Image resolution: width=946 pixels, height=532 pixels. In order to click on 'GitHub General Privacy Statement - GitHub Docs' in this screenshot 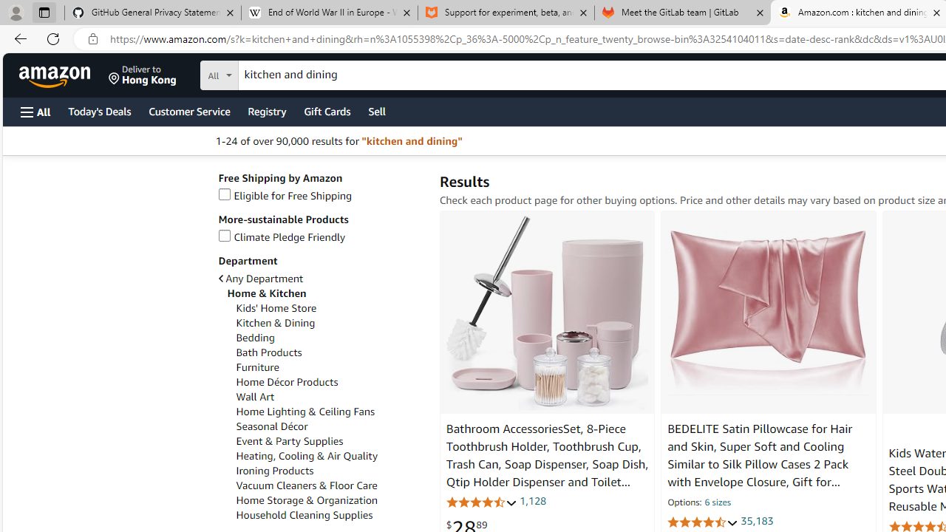, I will do `click(153, 13)`.